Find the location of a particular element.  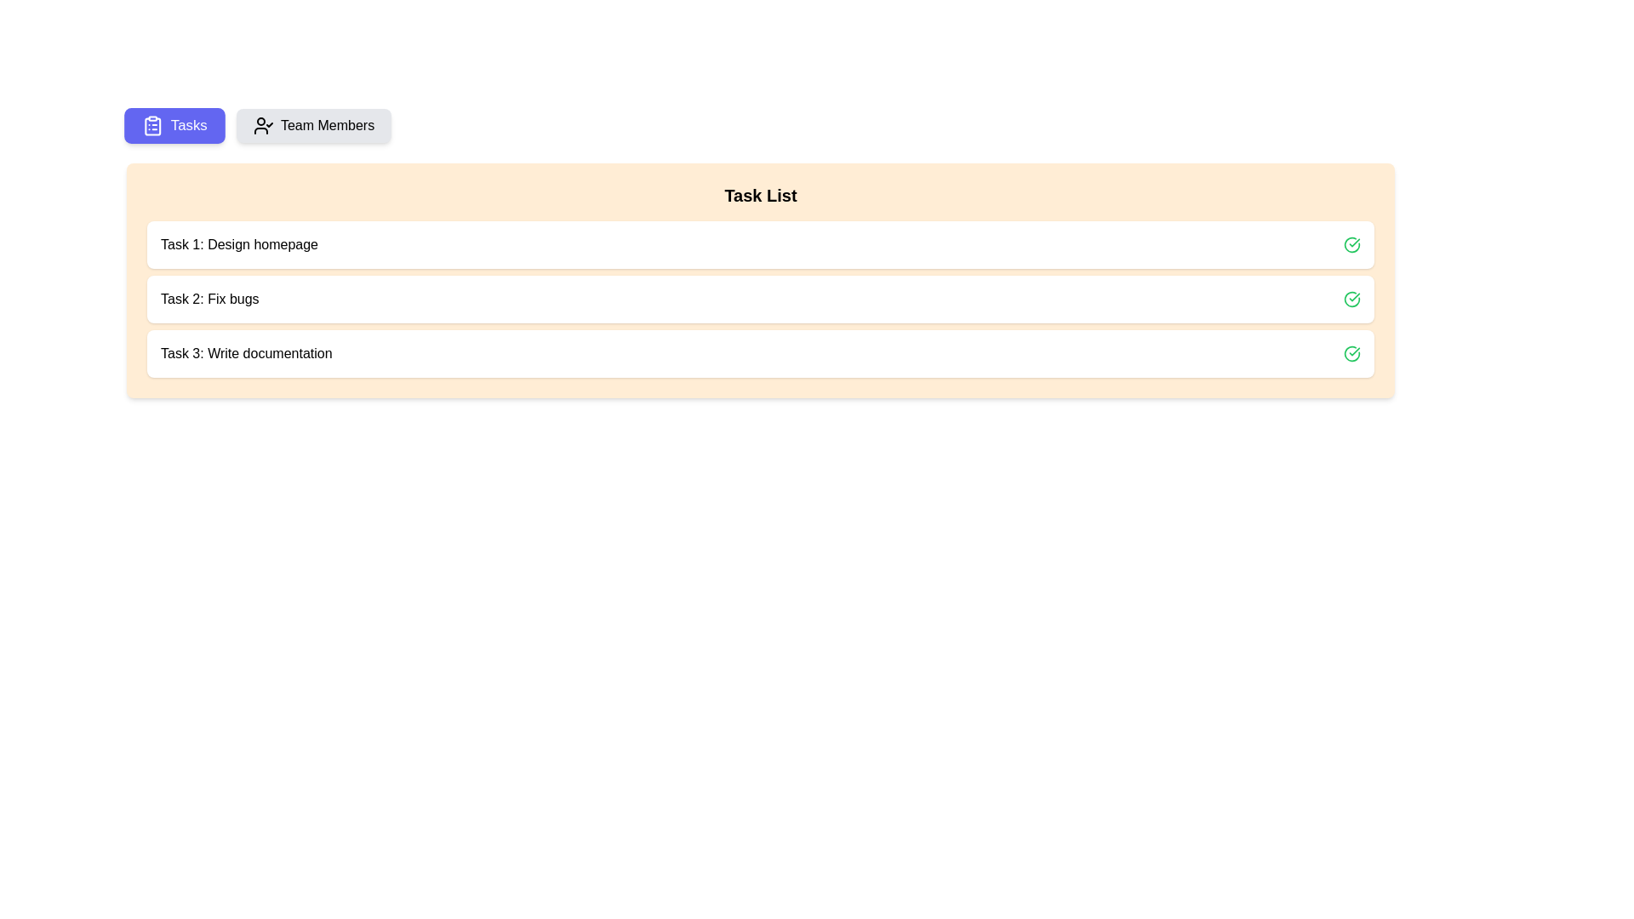

text label 'Tasks' which is styled with a sans-serif font, white color, and located on a purple button, positioned to the left of the 'Team Members' button is located at coordinates (189, 124).